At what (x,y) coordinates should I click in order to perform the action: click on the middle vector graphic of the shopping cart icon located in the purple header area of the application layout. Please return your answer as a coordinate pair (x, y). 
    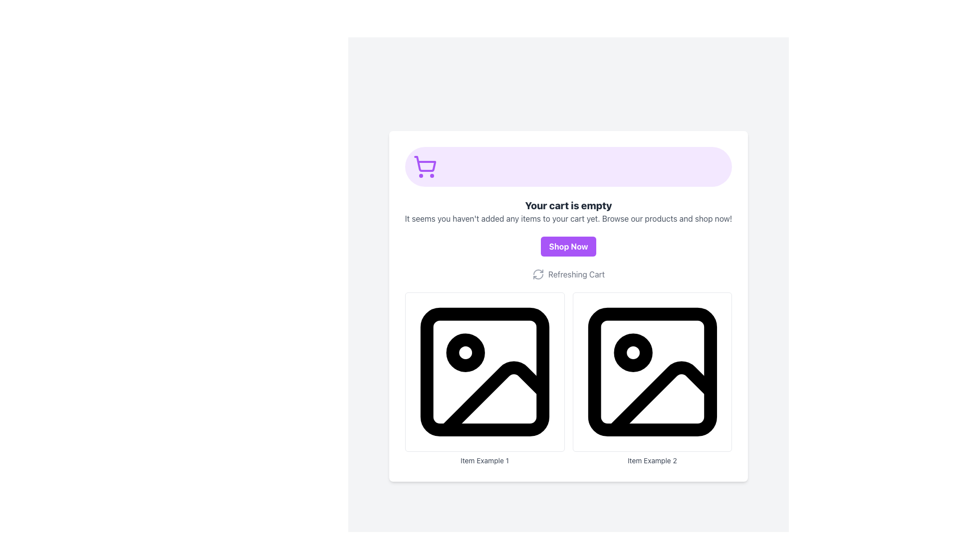
    Looking at the image, I should click on (425, 163).